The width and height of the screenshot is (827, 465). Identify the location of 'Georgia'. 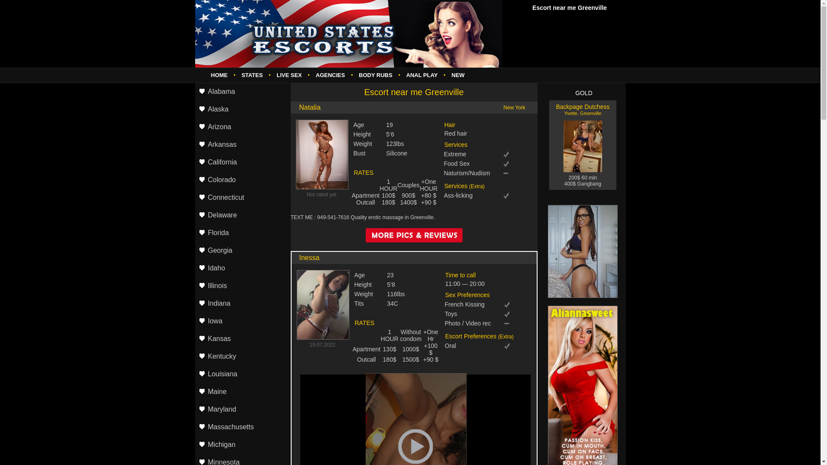
(241, 251).